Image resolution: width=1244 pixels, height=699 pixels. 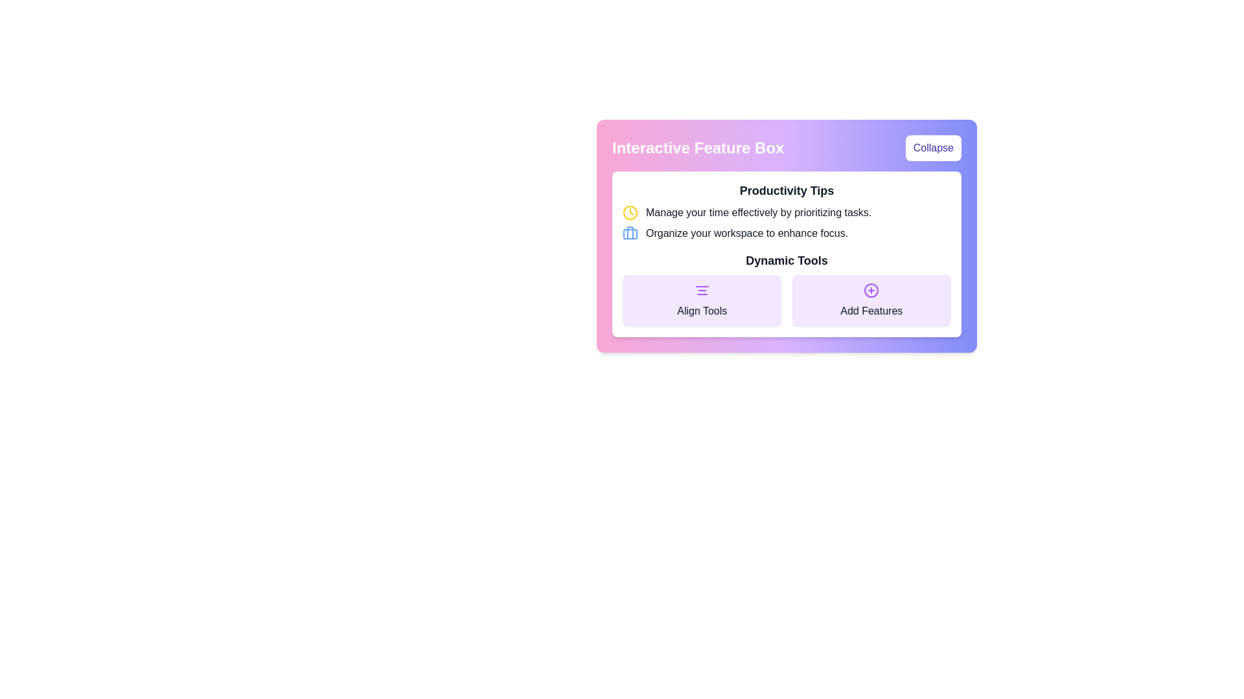 What do you see at coordinates (933, 147) in the screenshot?
I see `the collapse button located at the top-right corner of the purple-pink gradient box beside the text 'Interactive Feature Box'` at bounding box center [933, 147].